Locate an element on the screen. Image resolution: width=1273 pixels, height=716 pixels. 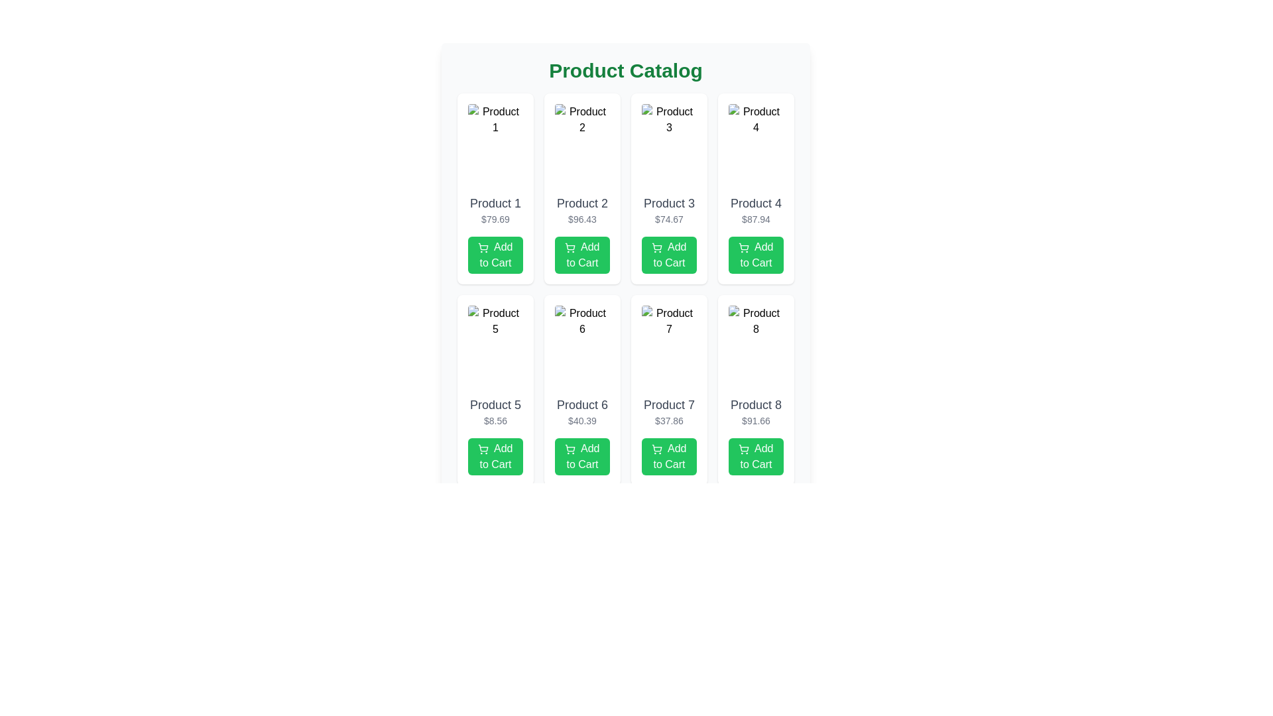
page number displayed on the Pagination control located at the bottom of the product catalog, which includes navigation buttons and current page information is located at coordinates (625, 513).